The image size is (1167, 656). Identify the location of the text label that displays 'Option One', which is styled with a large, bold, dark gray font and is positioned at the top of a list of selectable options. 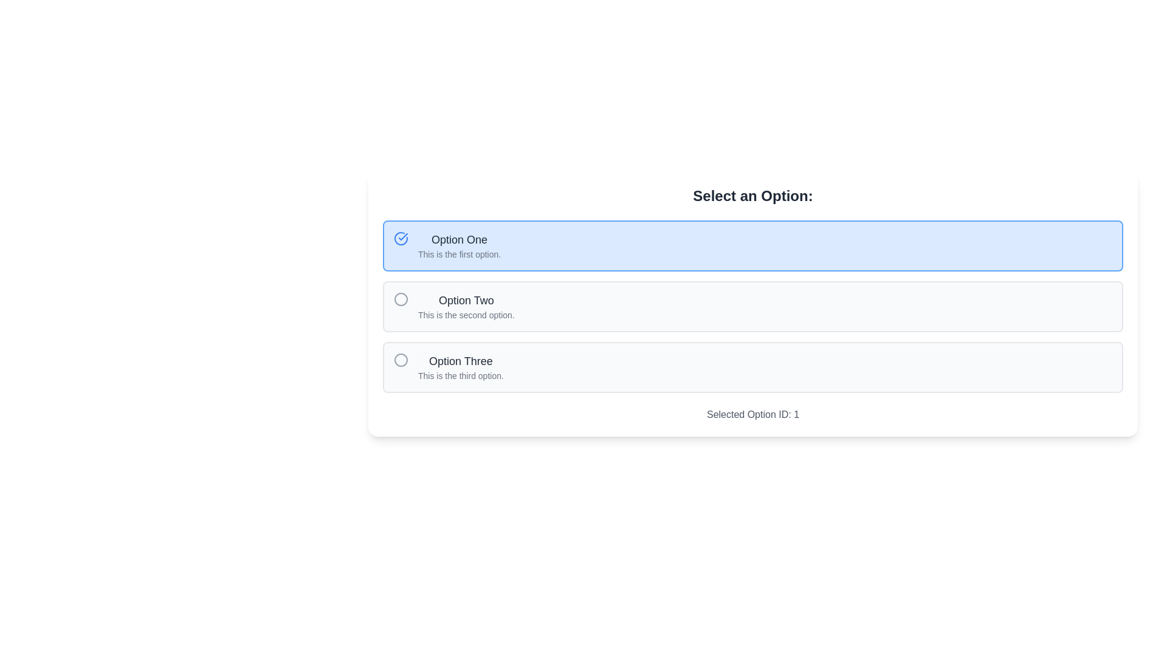
(459, 239).